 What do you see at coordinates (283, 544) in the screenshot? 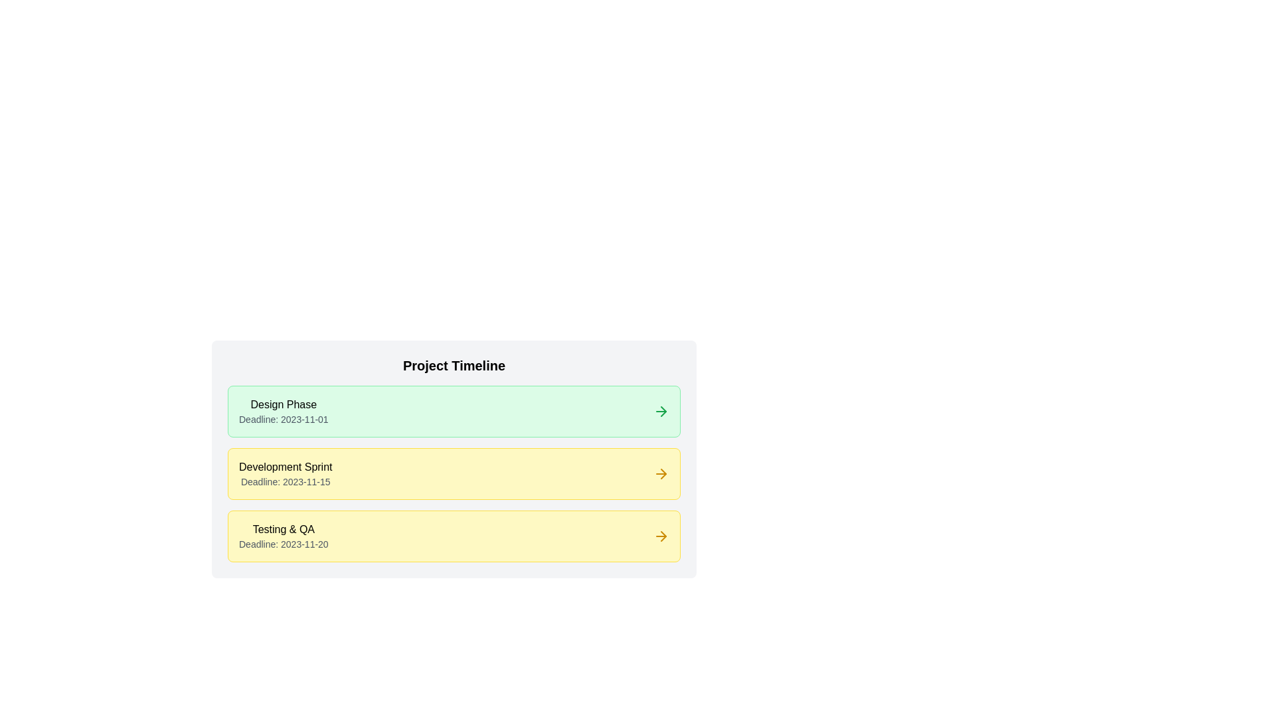
I see `the static text displaying the deadline date 'Deadline: 2023-11-20', located at the bottom of the 'Testing & QA' task block in a smaller gray text style` at bounding box center [283, 544].